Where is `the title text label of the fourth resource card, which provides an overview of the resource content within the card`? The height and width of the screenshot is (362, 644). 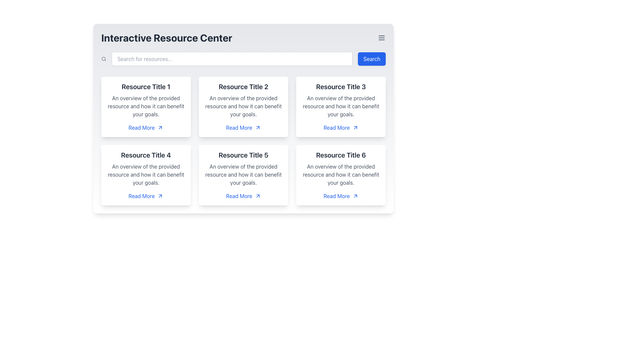
the title text label of the fourth resource card, which provides an overview of the resource content within the card is located at coordinates (146, 155).